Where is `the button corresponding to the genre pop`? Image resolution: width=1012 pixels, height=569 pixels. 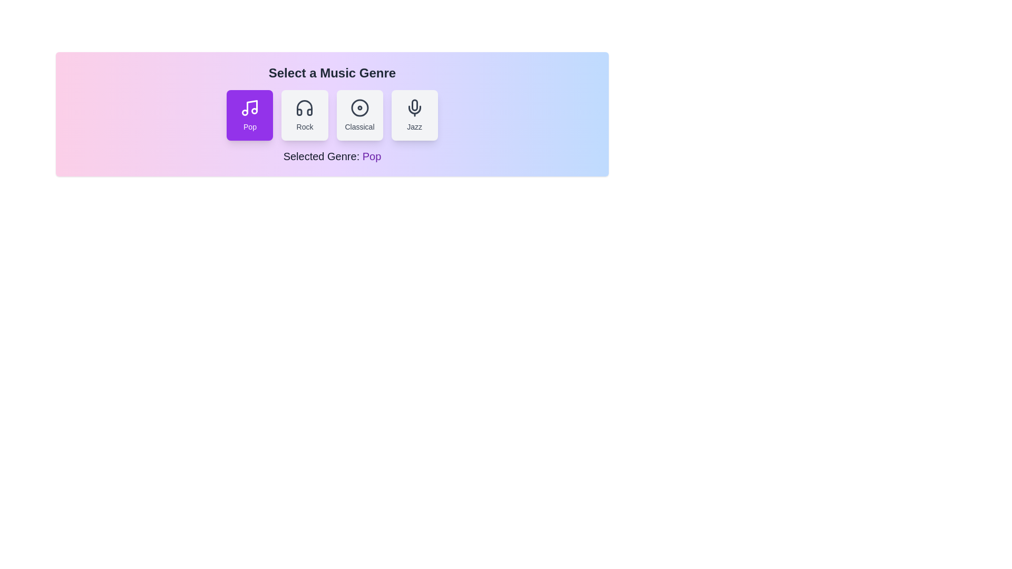 the button corresponding to the genre pop is located at coordinates (249, 115).